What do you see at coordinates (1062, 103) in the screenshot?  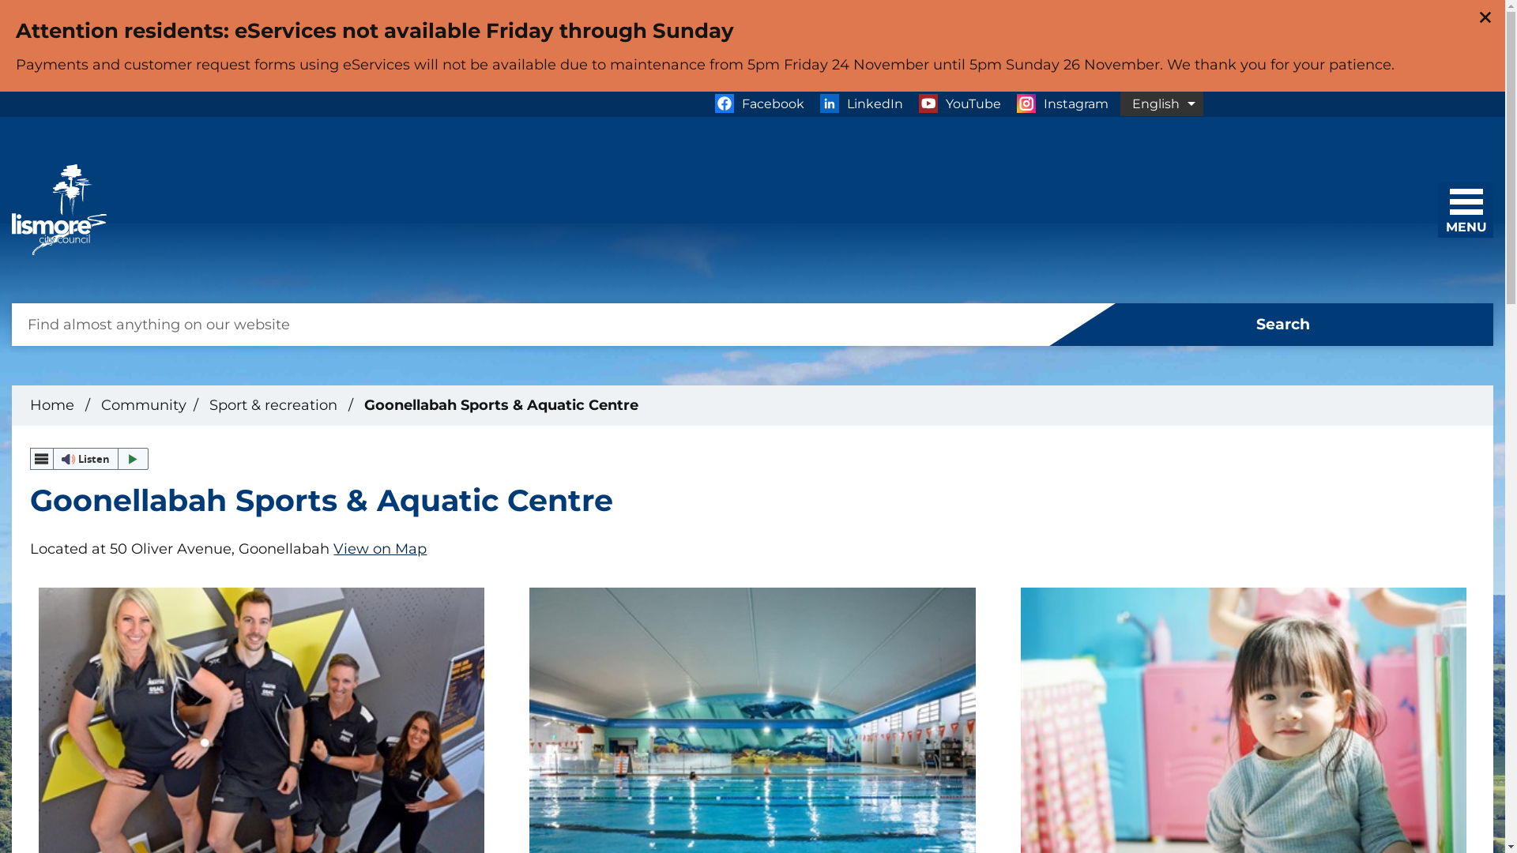 I see `'Instagram'` at bounding box center [1062, 103].